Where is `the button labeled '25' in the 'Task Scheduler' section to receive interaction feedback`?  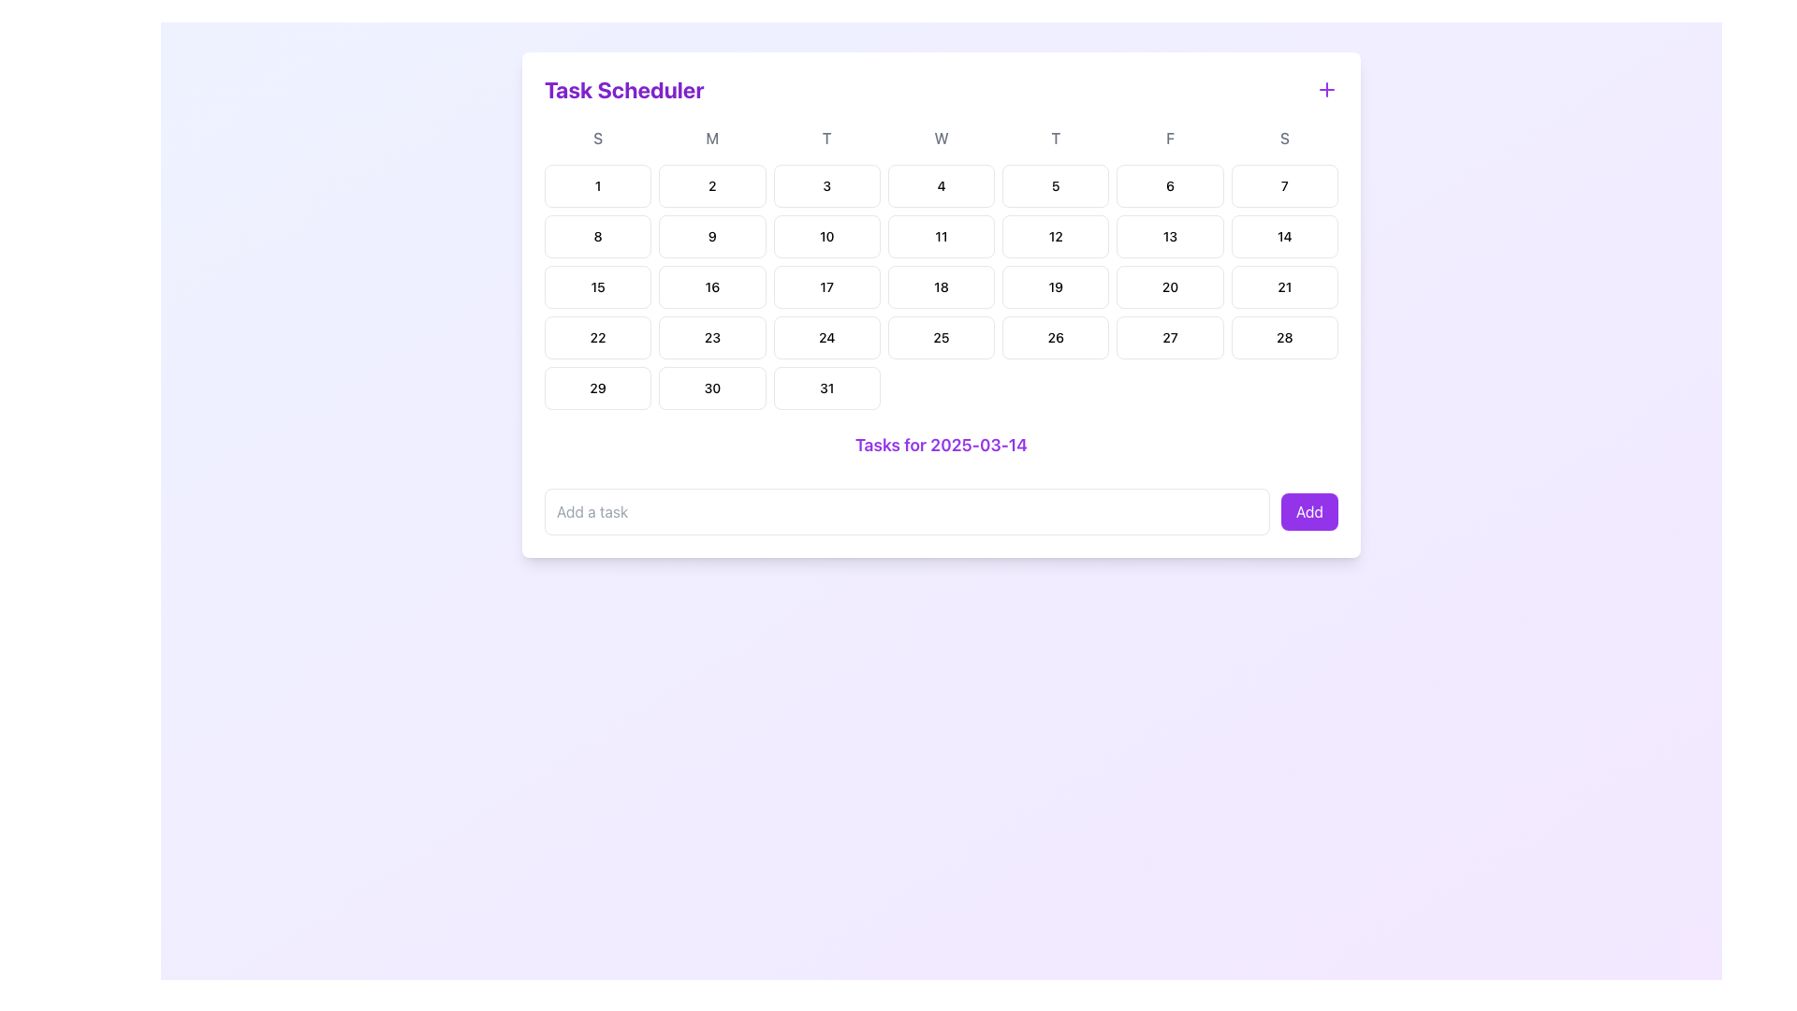
the button labeled '25' in the 'Task Scheduler' section to receive interaction feedback is located at coordinates (942, 338).